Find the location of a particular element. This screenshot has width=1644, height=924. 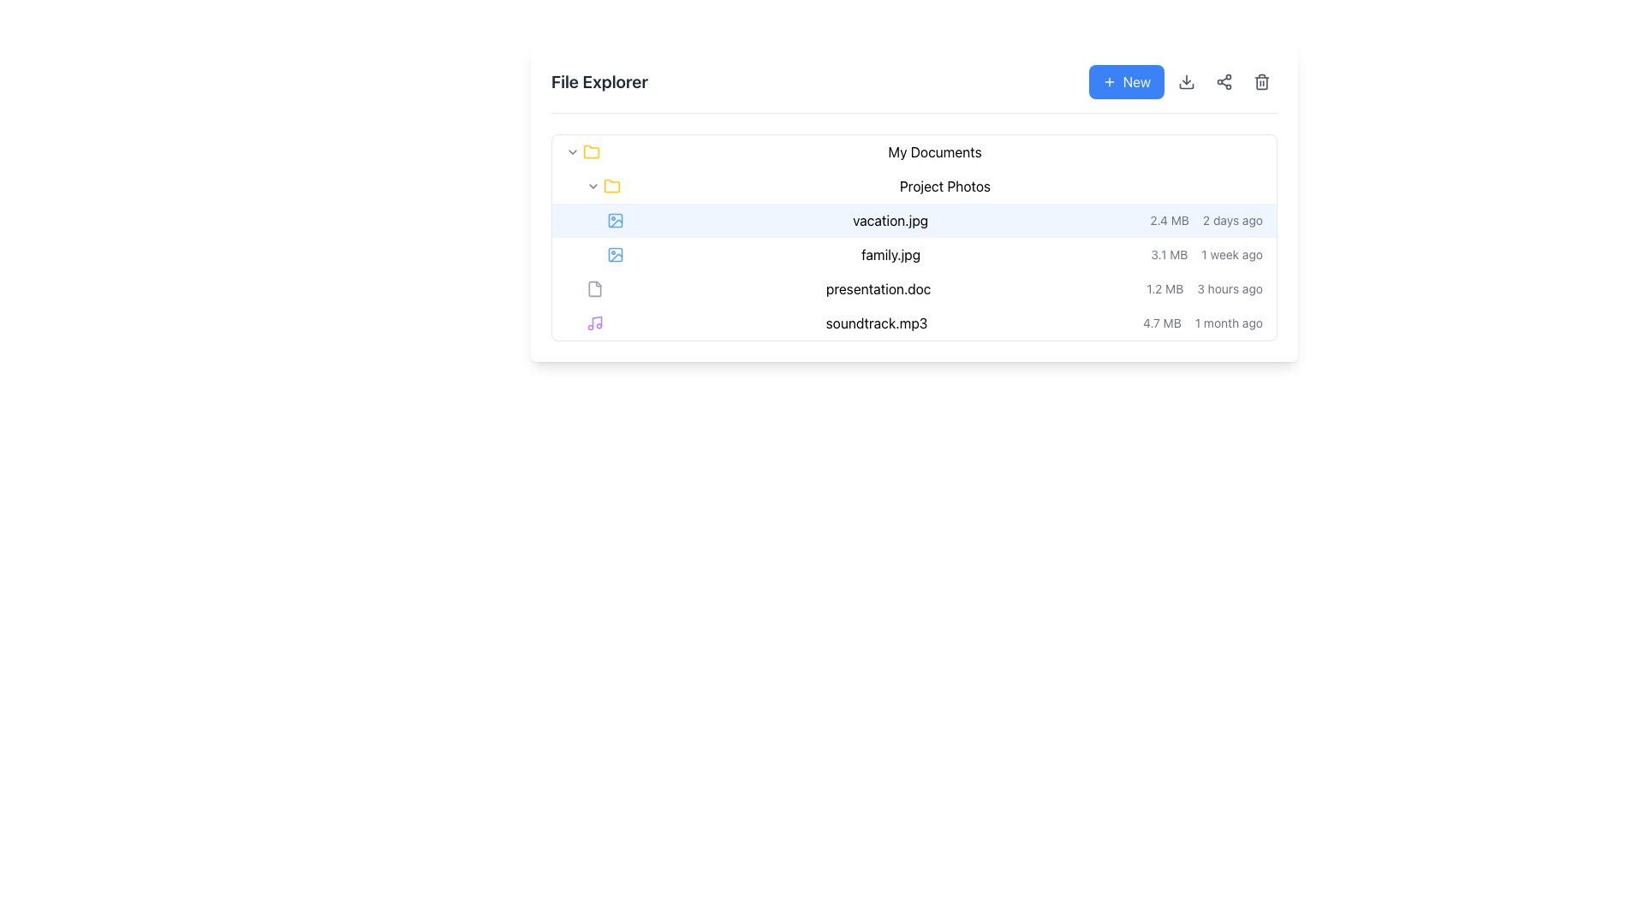

the fifth row in the file explorer interface that displays the file name 'soundtrack.mp3' with a purple music note icon on the left is located at coordinates (914, 323).